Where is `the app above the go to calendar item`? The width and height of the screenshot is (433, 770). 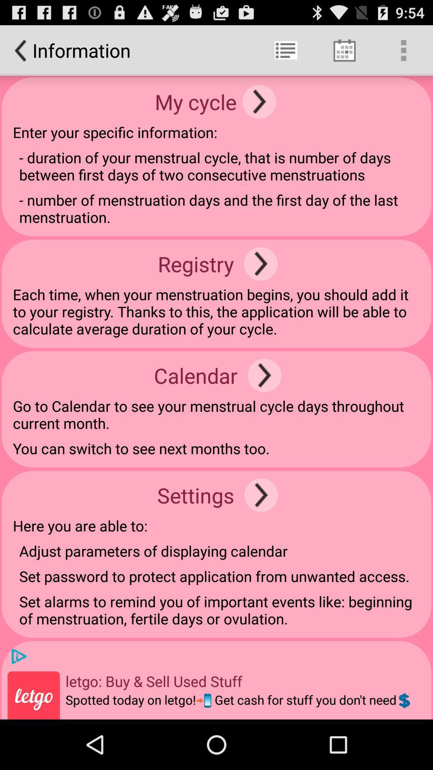 the app above the go to calendar item is located at coordinates (264, 375).